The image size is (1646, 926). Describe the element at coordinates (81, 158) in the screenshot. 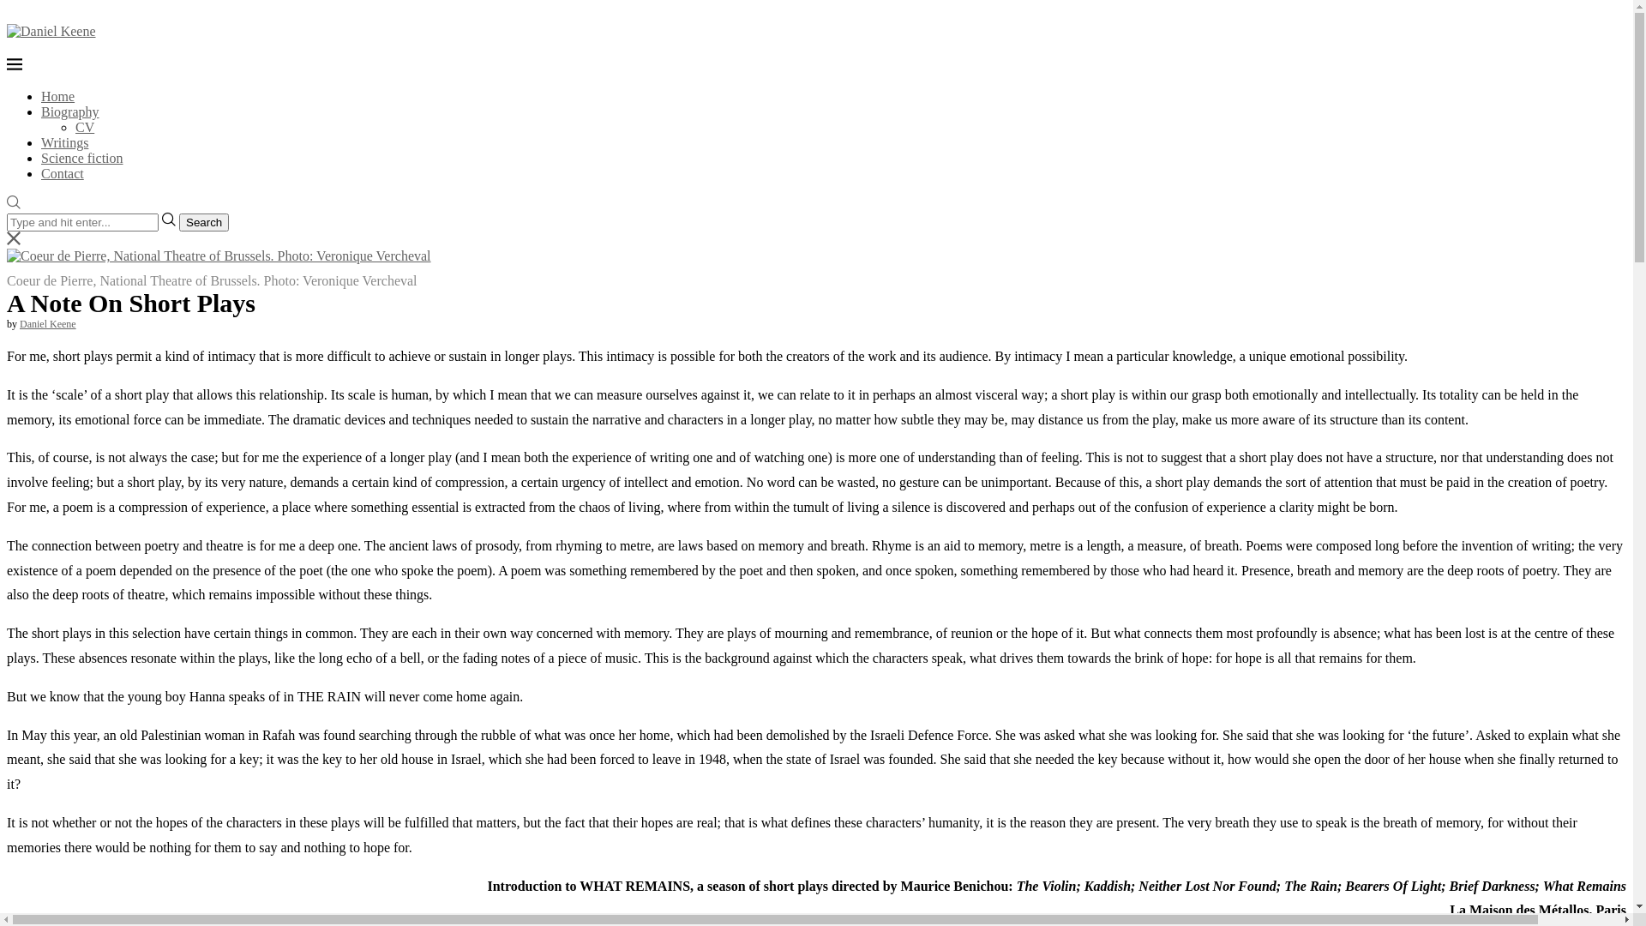

I see `'Science fiction'` at that location.